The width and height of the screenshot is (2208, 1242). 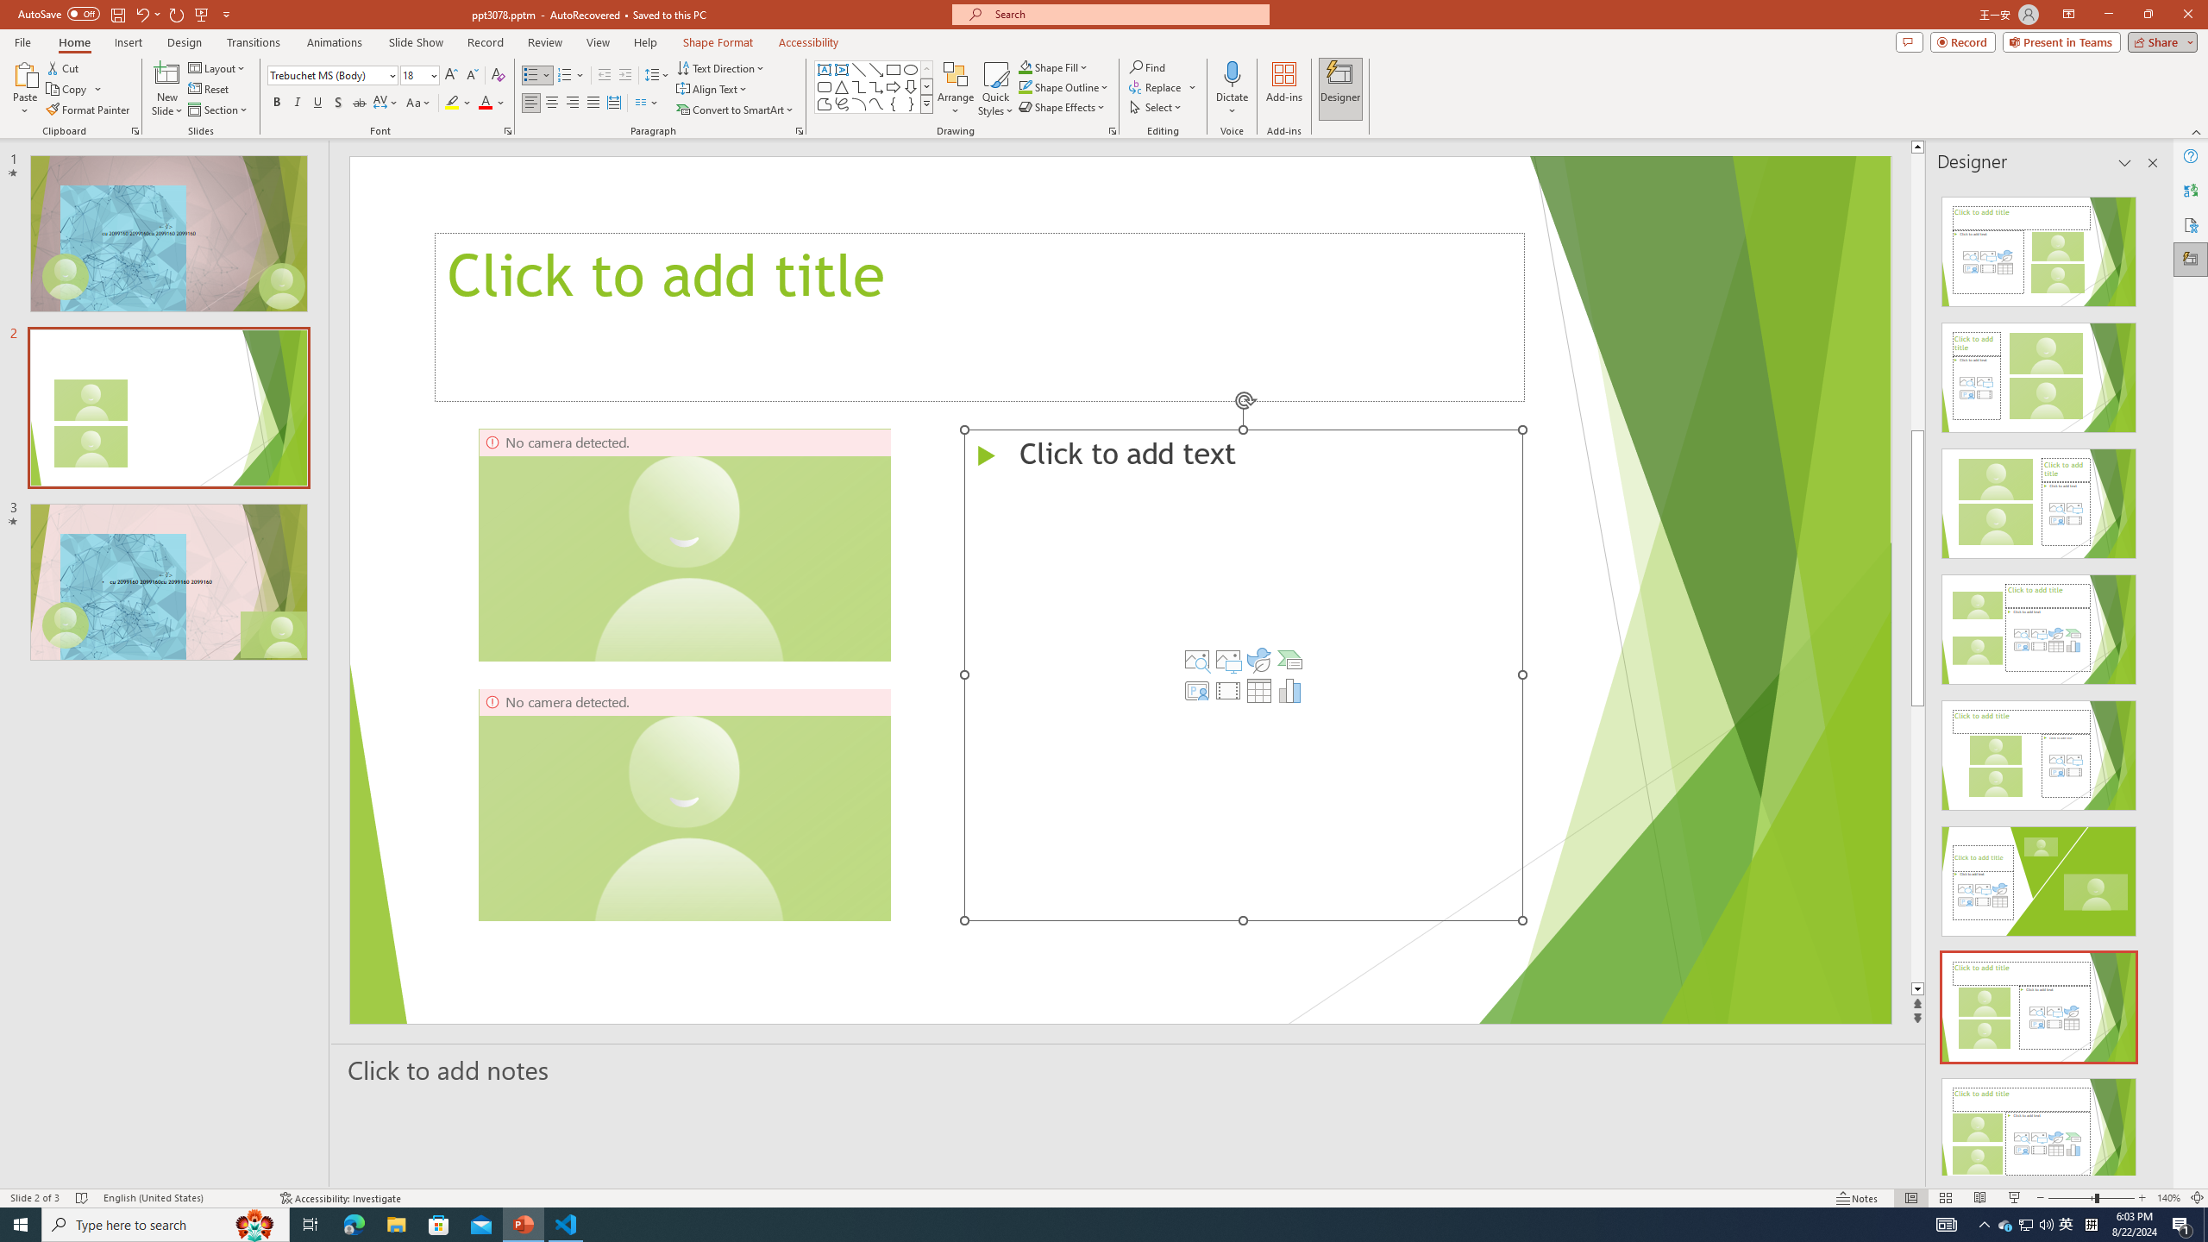 I want to click on 'Class: NetUIScrollBar', so click(x=2151, y=678).